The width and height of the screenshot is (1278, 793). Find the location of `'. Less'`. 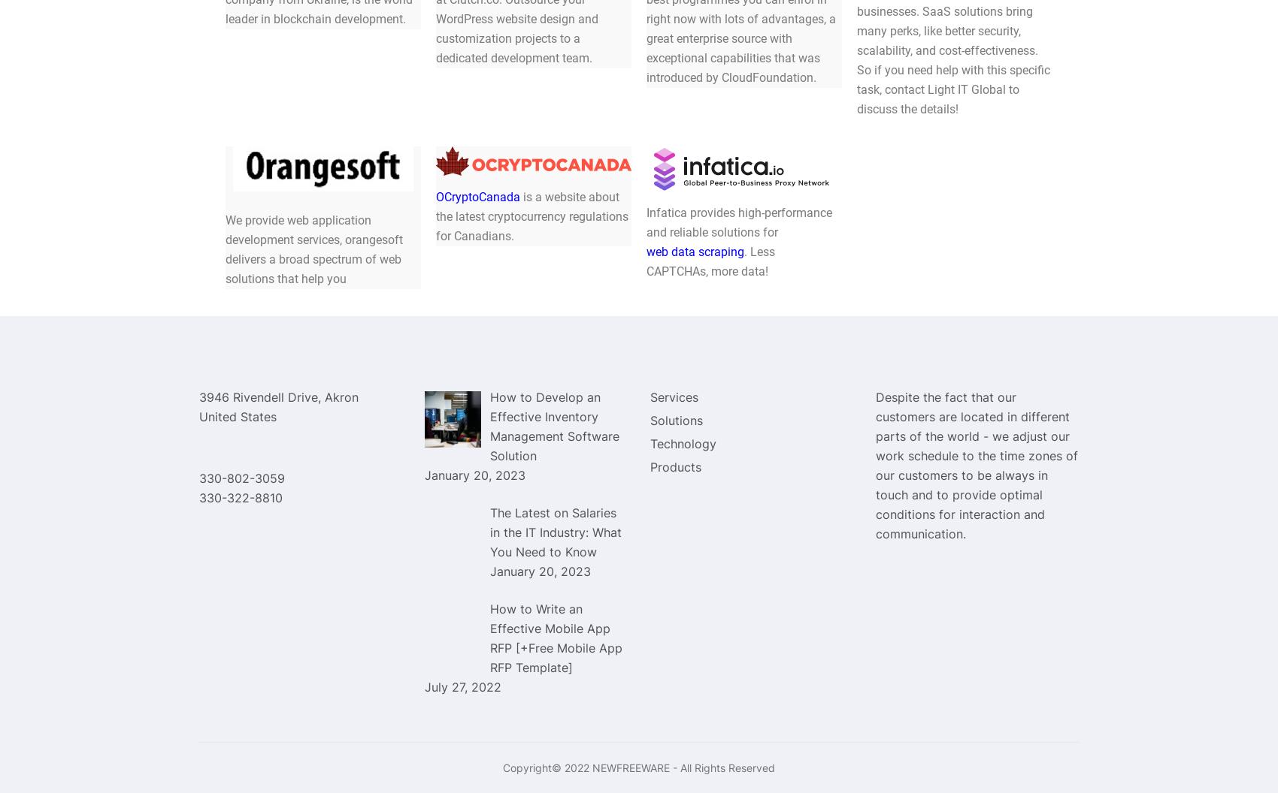

'. Less' is located at coordinates (759, 250).